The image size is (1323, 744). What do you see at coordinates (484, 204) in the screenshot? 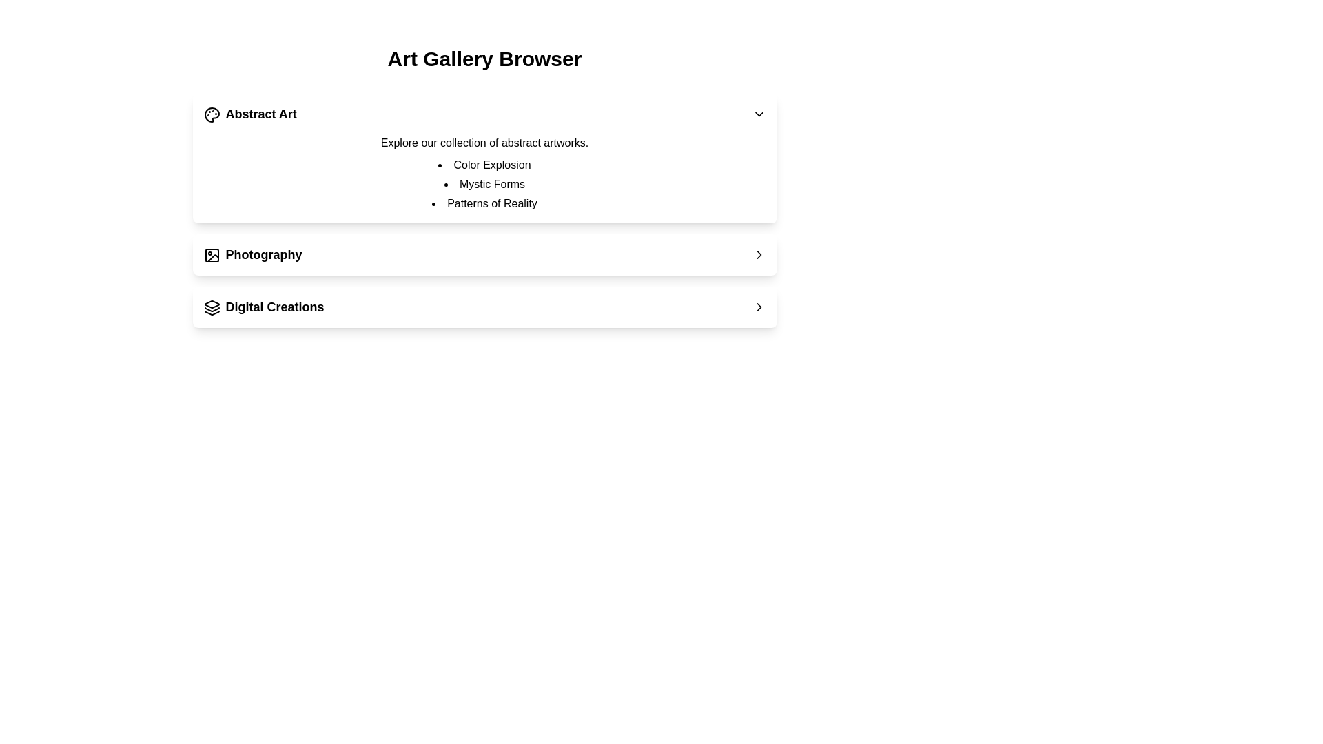
I see `the artwork Patterns of Reality from the list` at bounding box center [484, 204].